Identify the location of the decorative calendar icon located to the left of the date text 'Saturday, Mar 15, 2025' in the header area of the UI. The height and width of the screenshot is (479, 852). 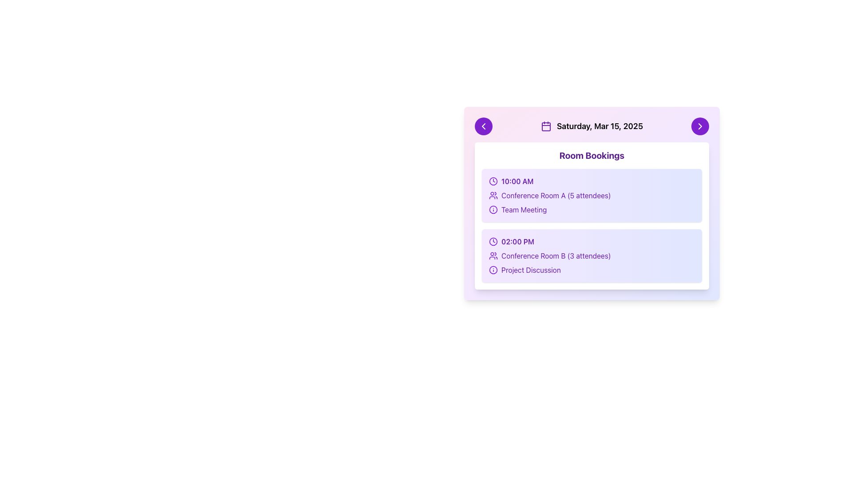
(545, 126).